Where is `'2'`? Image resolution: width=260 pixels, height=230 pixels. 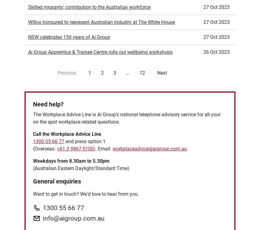 '2' is located at coordinates (102, 4).